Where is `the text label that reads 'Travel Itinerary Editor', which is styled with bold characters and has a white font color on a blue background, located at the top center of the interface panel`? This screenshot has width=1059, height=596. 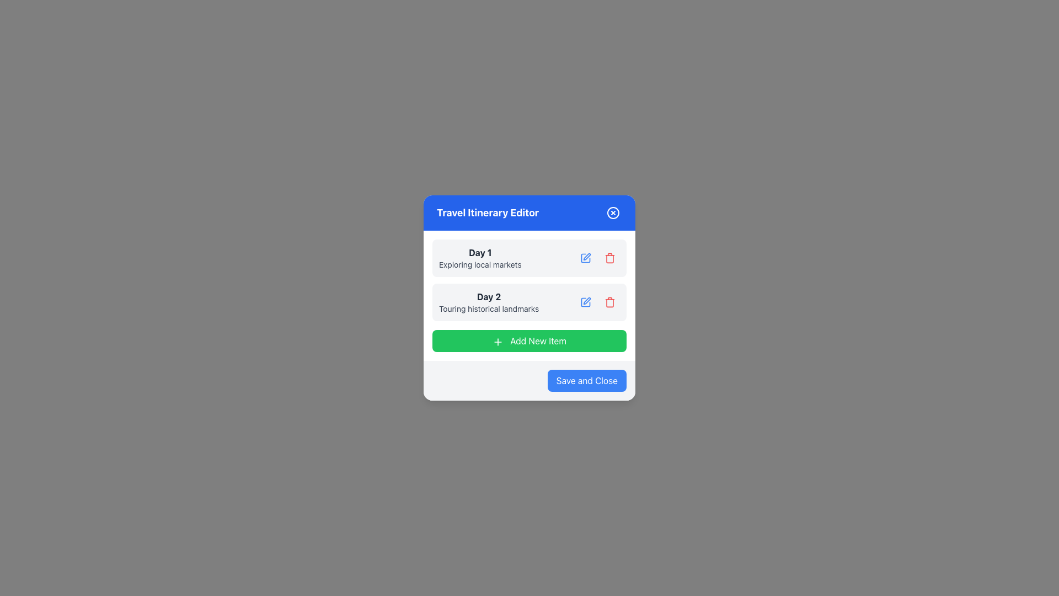 the text label that reads 'Travel Itinerary Editor', which is styled with bold characters and has a white font color on a blue background, located at the top center of the interface panel is located at coordinates (487, 212).